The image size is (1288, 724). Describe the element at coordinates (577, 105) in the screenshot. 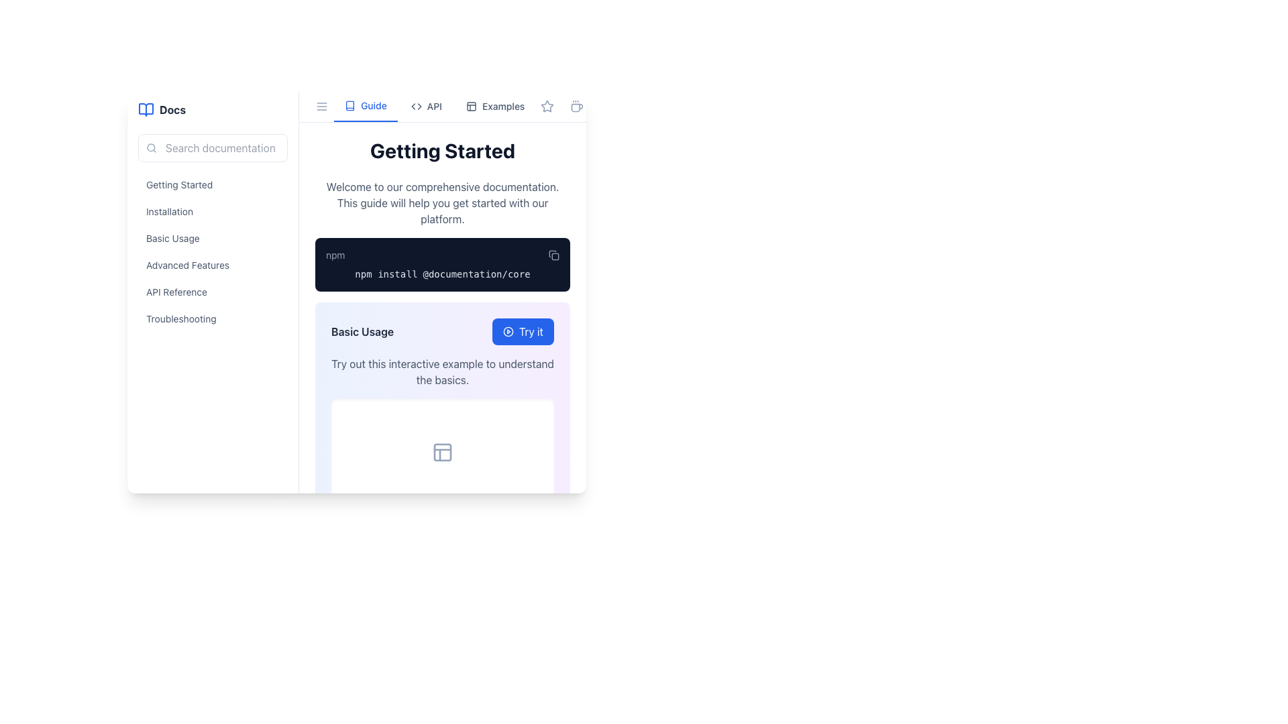

I see `the coffee mug icon button located in the top-right section of the header` at that location.